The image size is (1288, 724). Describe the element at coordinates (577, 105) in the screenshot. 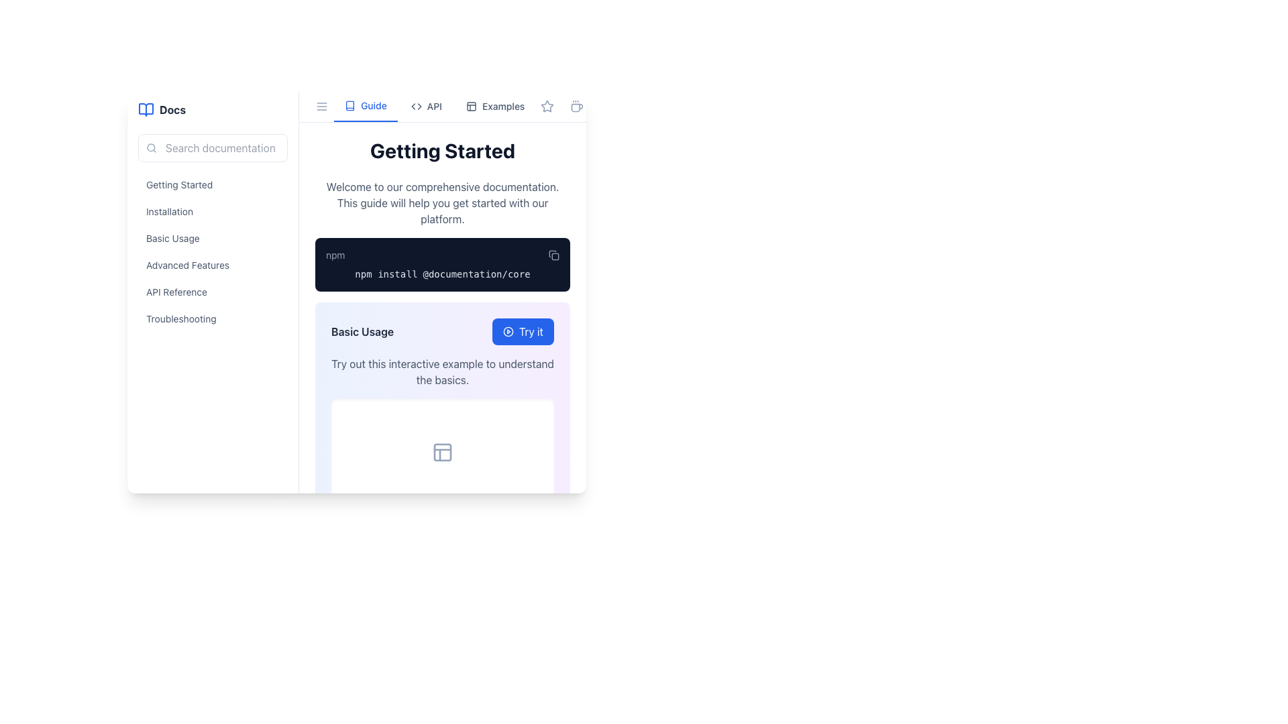

I see `the coffee mug icon button located in the top-right section of the header` at that location.